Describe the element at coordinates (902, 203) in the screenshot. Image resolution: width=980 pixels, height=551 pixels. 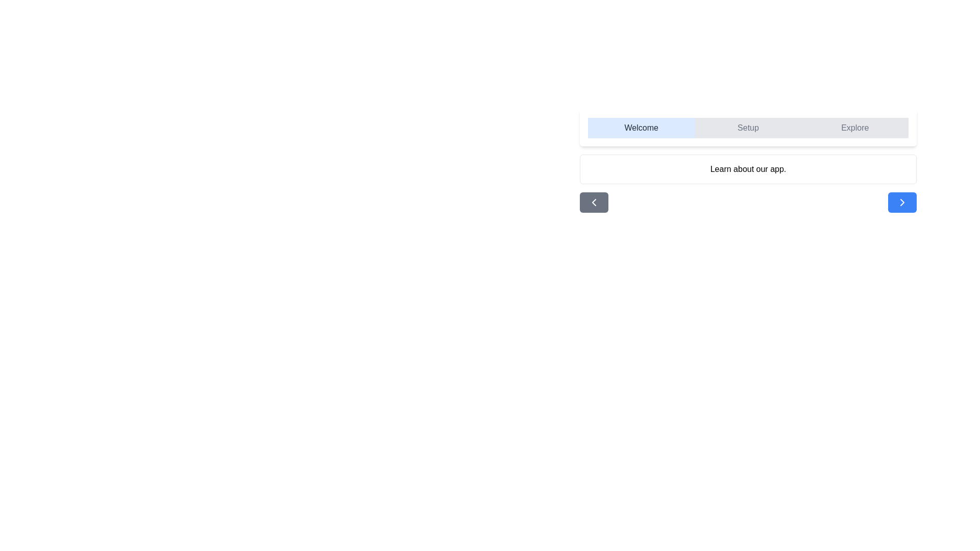
I see `'Next' button to navigate to the next step` at that location.